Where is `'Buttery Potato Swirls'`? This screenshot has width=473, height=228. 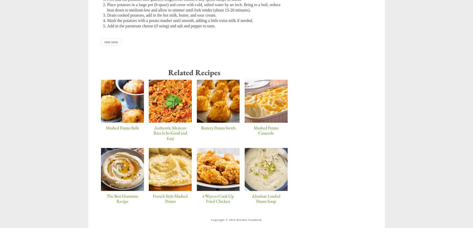 'Buttery Potato Swirls' is located at coordinates (200, 128).